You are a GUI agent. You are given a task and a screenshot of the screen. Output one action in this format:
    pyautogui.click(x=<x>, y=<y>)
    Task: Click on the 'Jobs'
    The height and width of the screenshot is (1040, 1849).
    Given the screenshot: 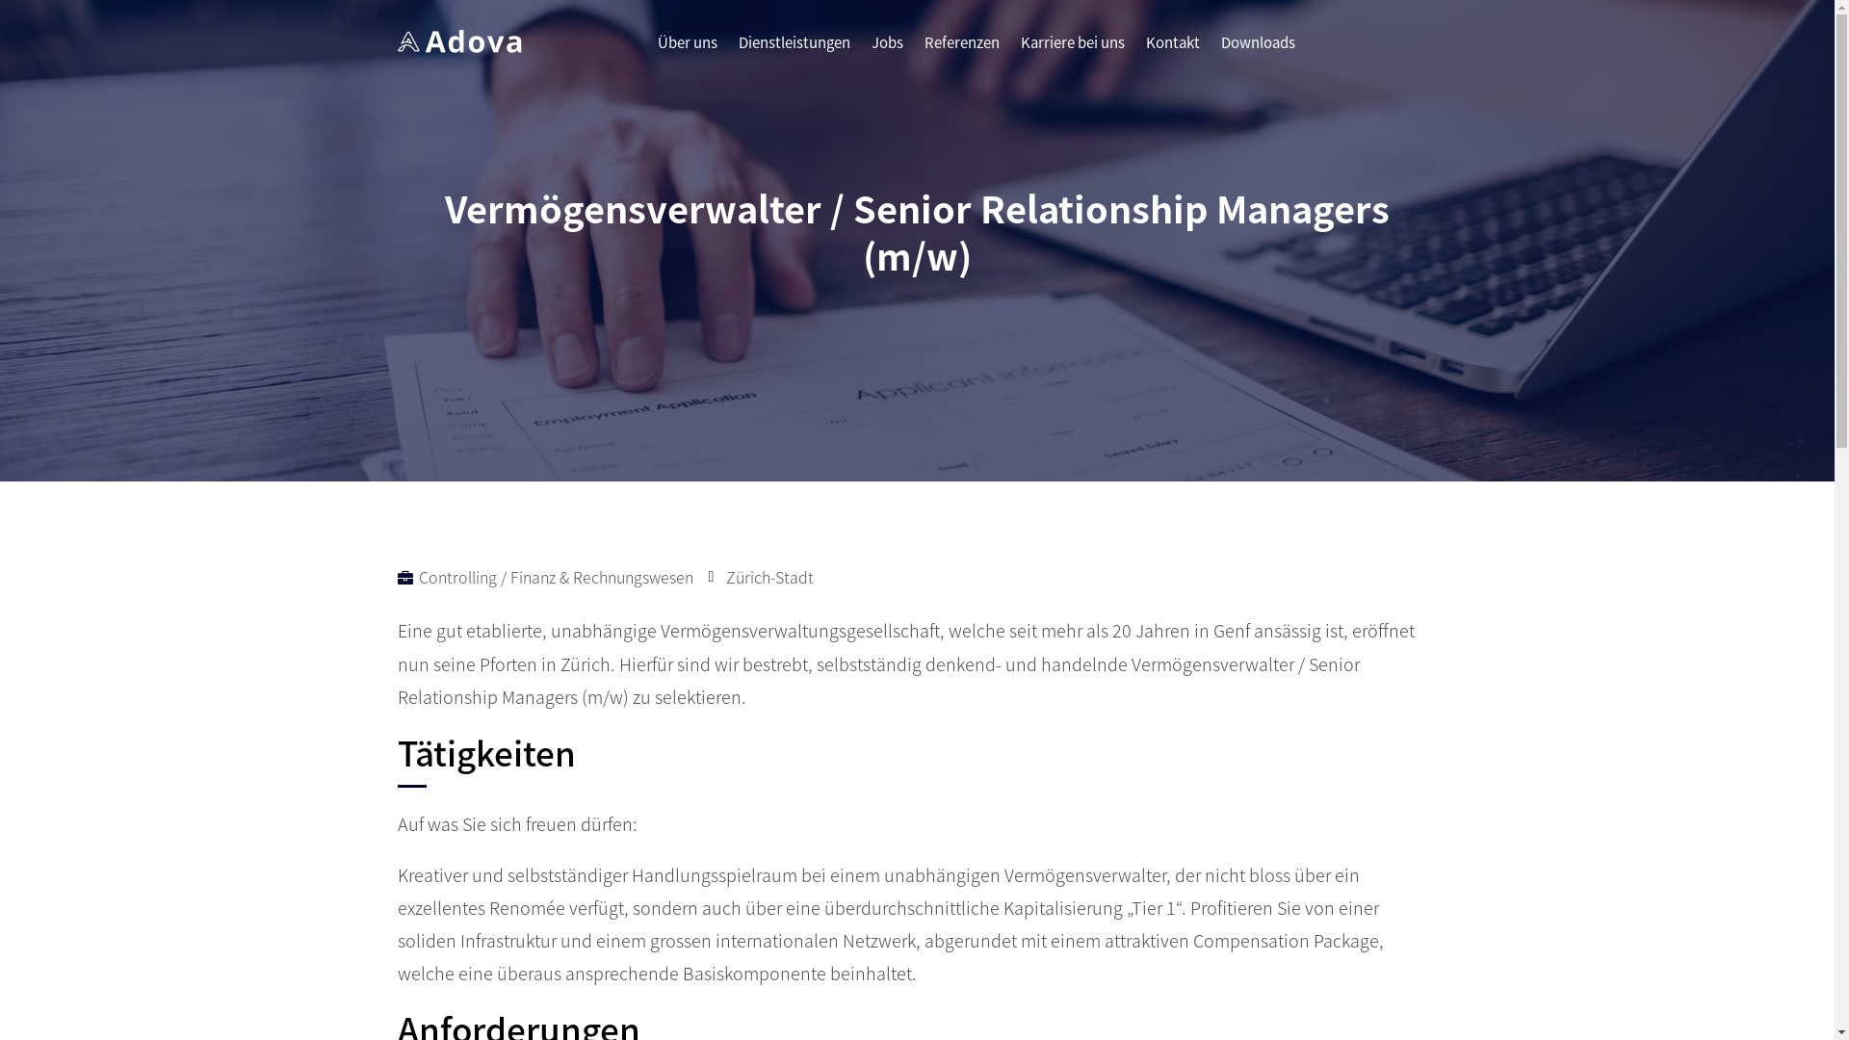 What is the action you would take?
    pyautogui.click(x=885, y=48)
    